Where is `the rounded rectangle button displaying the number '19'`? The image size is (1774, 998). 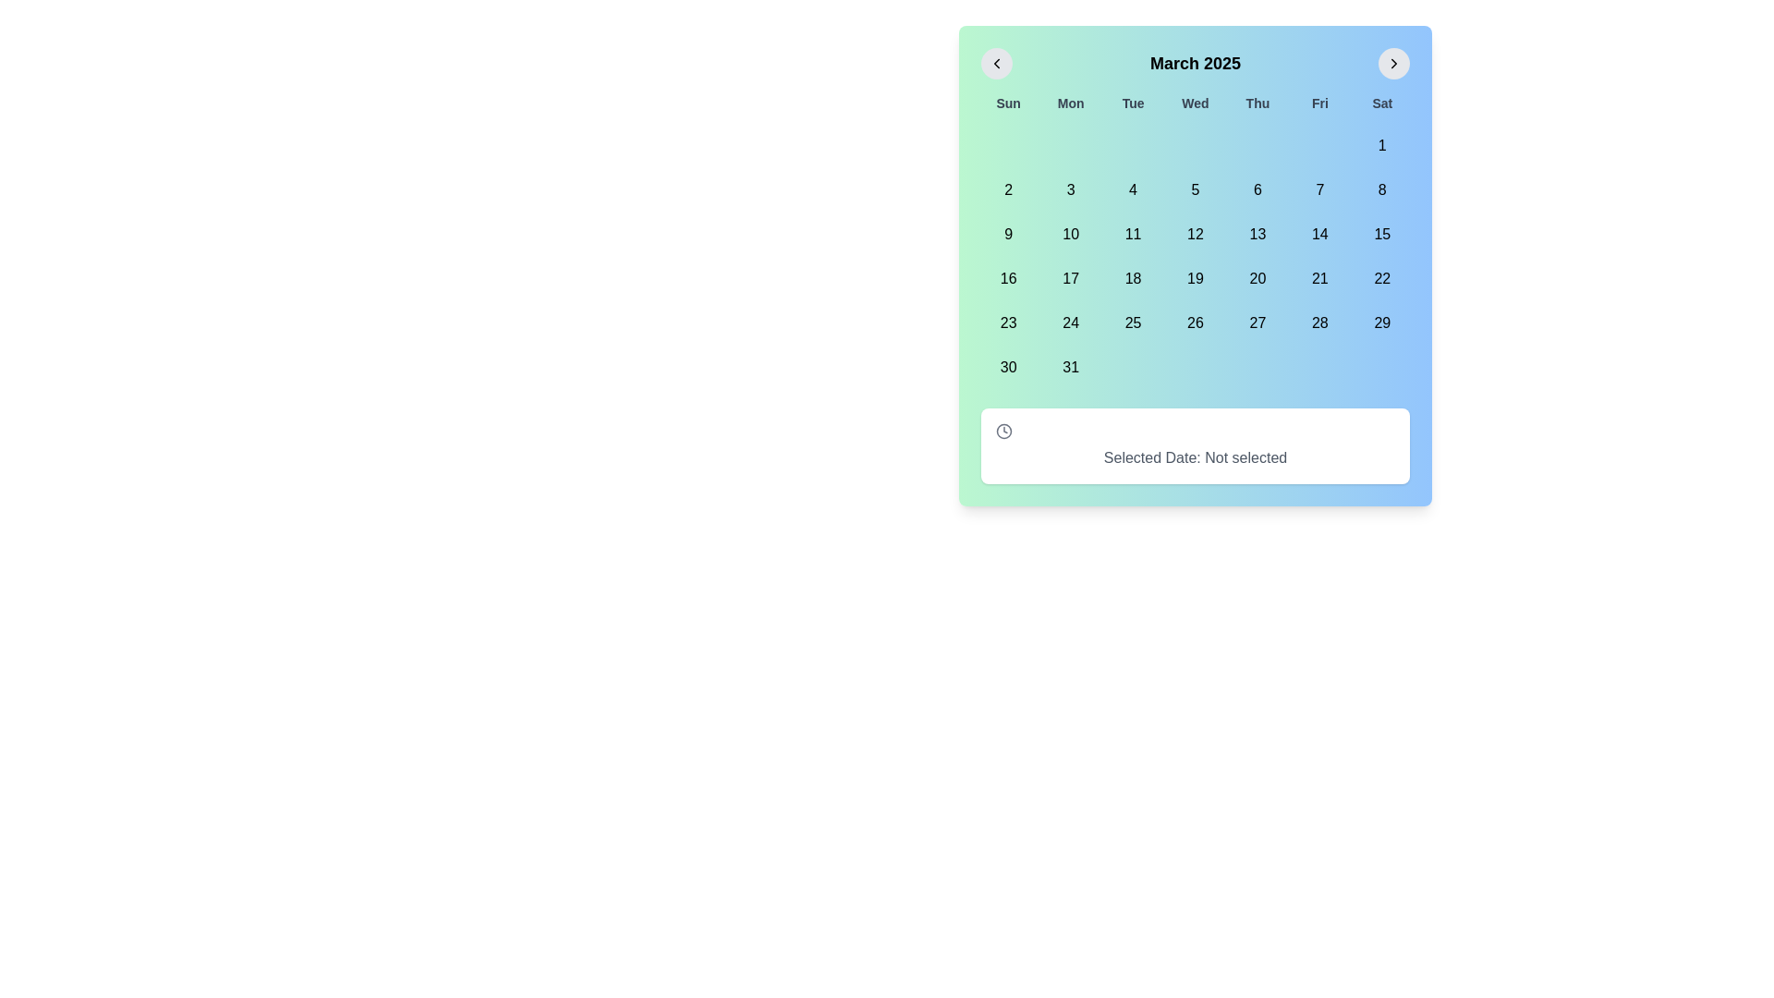 the rounded rectangle button displaying the number '19' is located at coordinates (1196, 278).